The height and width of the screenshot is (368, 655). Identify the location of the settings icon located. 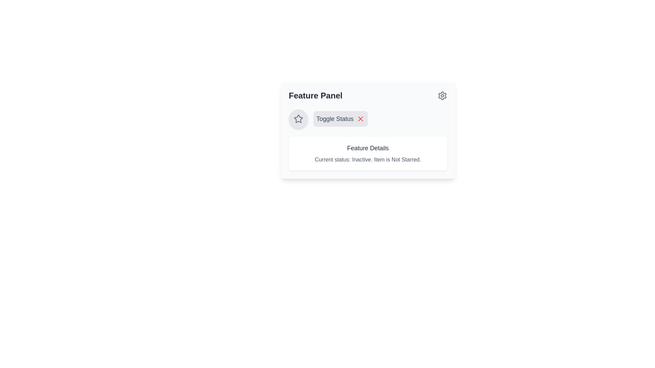
(442, 96).